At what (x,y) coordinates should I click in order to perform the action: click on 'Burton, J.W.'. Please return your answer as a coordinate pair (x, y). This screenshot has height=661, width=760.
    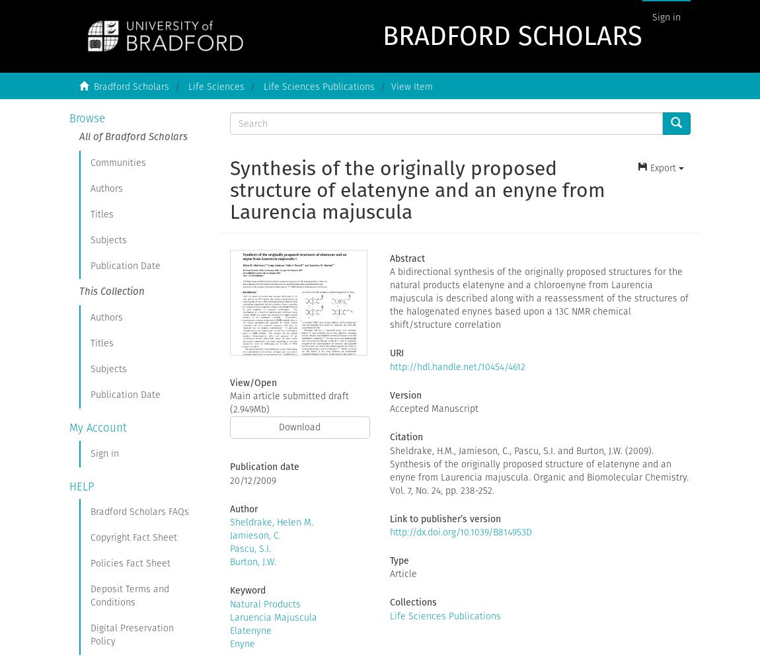
    Looking at the image, I should click on (252, 561).